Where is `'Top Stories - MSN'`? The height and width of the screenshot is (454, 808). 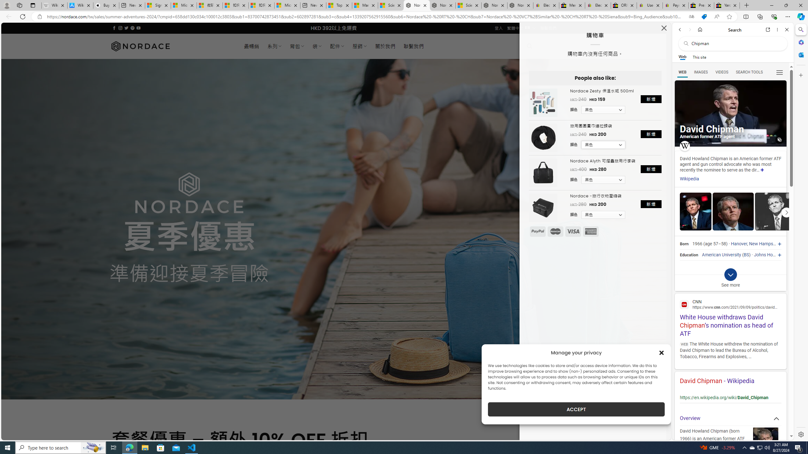
'Top Stories - MSN' is located at coordinates (338, 5).